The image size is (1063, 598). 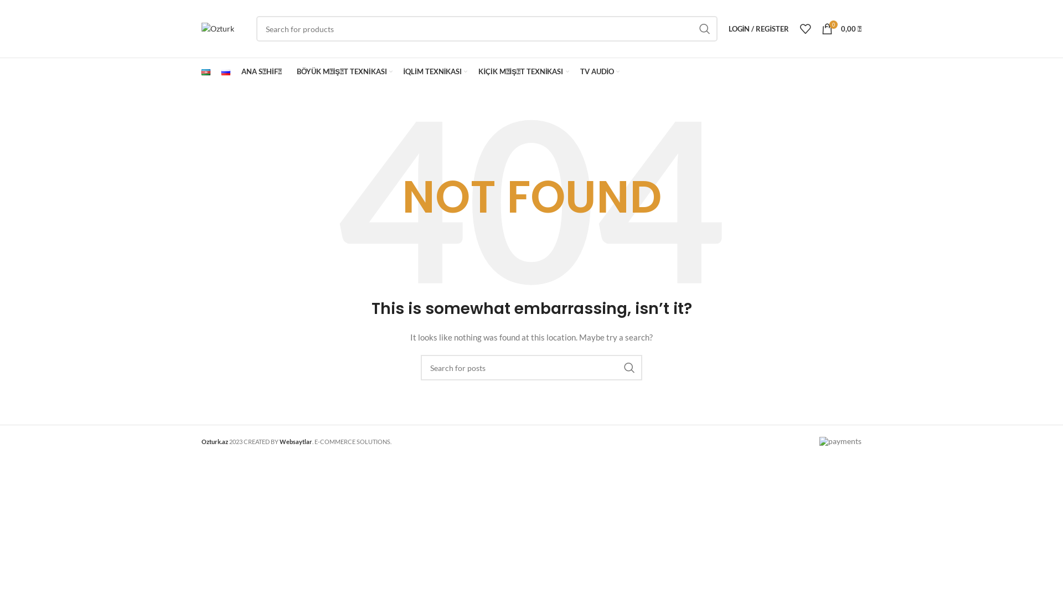 What do you see at coordinates (296, 441) in the screenshot?
I see `'Websaytlar'` at bounding box center [296, 441].